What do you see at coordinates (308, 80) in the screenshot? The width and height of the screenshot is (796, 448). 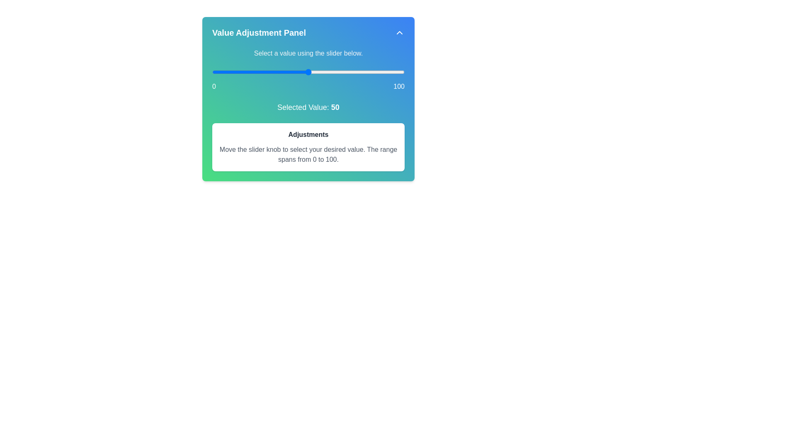 I see `the track of the horizontal slider input to set a value, located in the 'Value Adjustment Panel' beneath the 'Select a value using the slider below' text and above the 'Selected Value: 50' label` at bounding box center [308, 80].